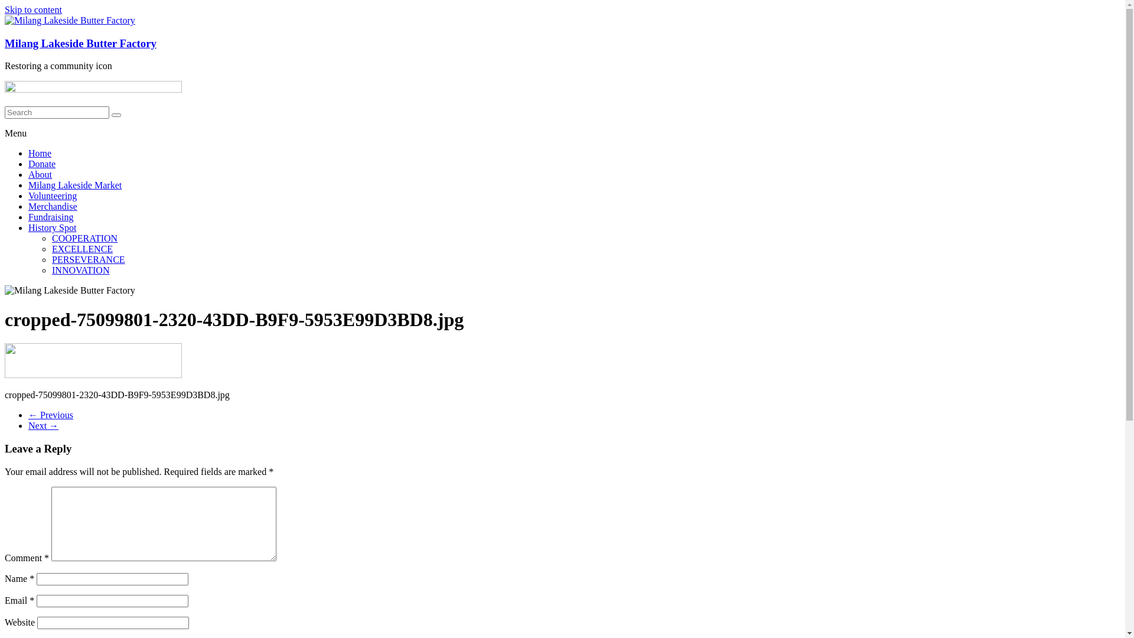  Describe the element at coordinates (80, 270) in the screenshot. I see `'INNOVATION'` at that location.